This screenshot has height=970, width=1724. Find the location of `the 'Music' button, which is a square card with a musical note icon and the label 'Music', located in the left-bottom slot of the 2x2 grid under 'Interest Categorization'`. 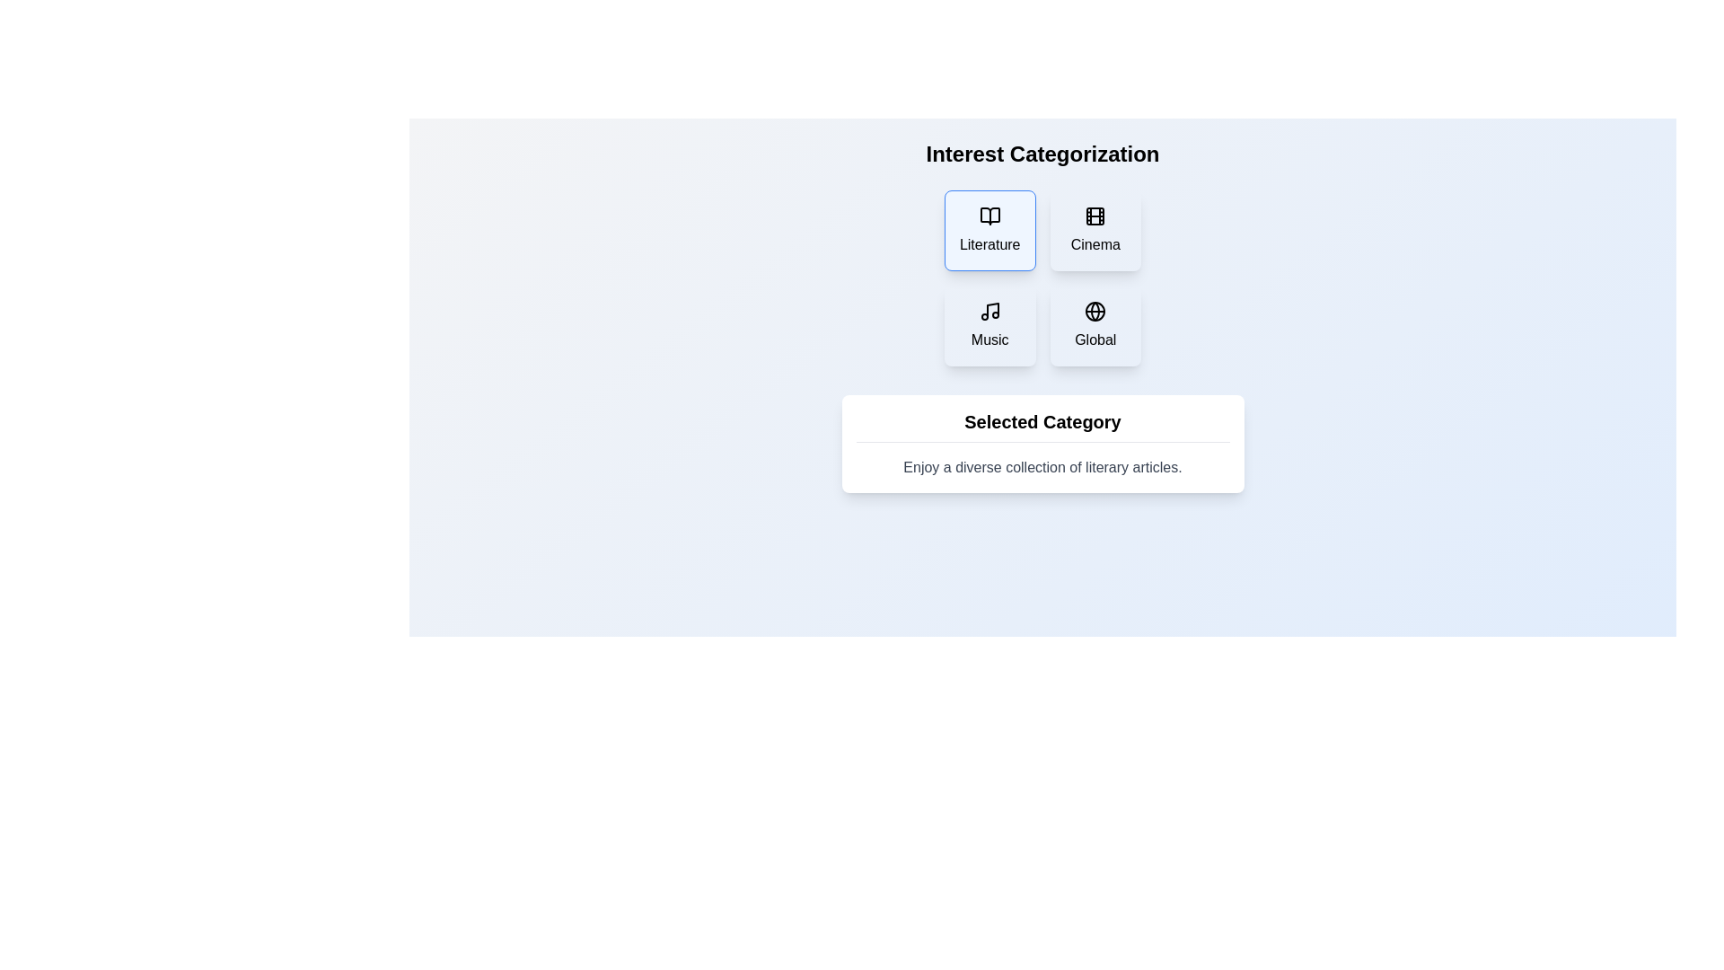

the 'Music' button, which is a square card with a musical note icon and the label 'Music', located in the left-bottom slot of the 2x2 grid under 'Interest Categorization' is located at coordinates (989, 325).